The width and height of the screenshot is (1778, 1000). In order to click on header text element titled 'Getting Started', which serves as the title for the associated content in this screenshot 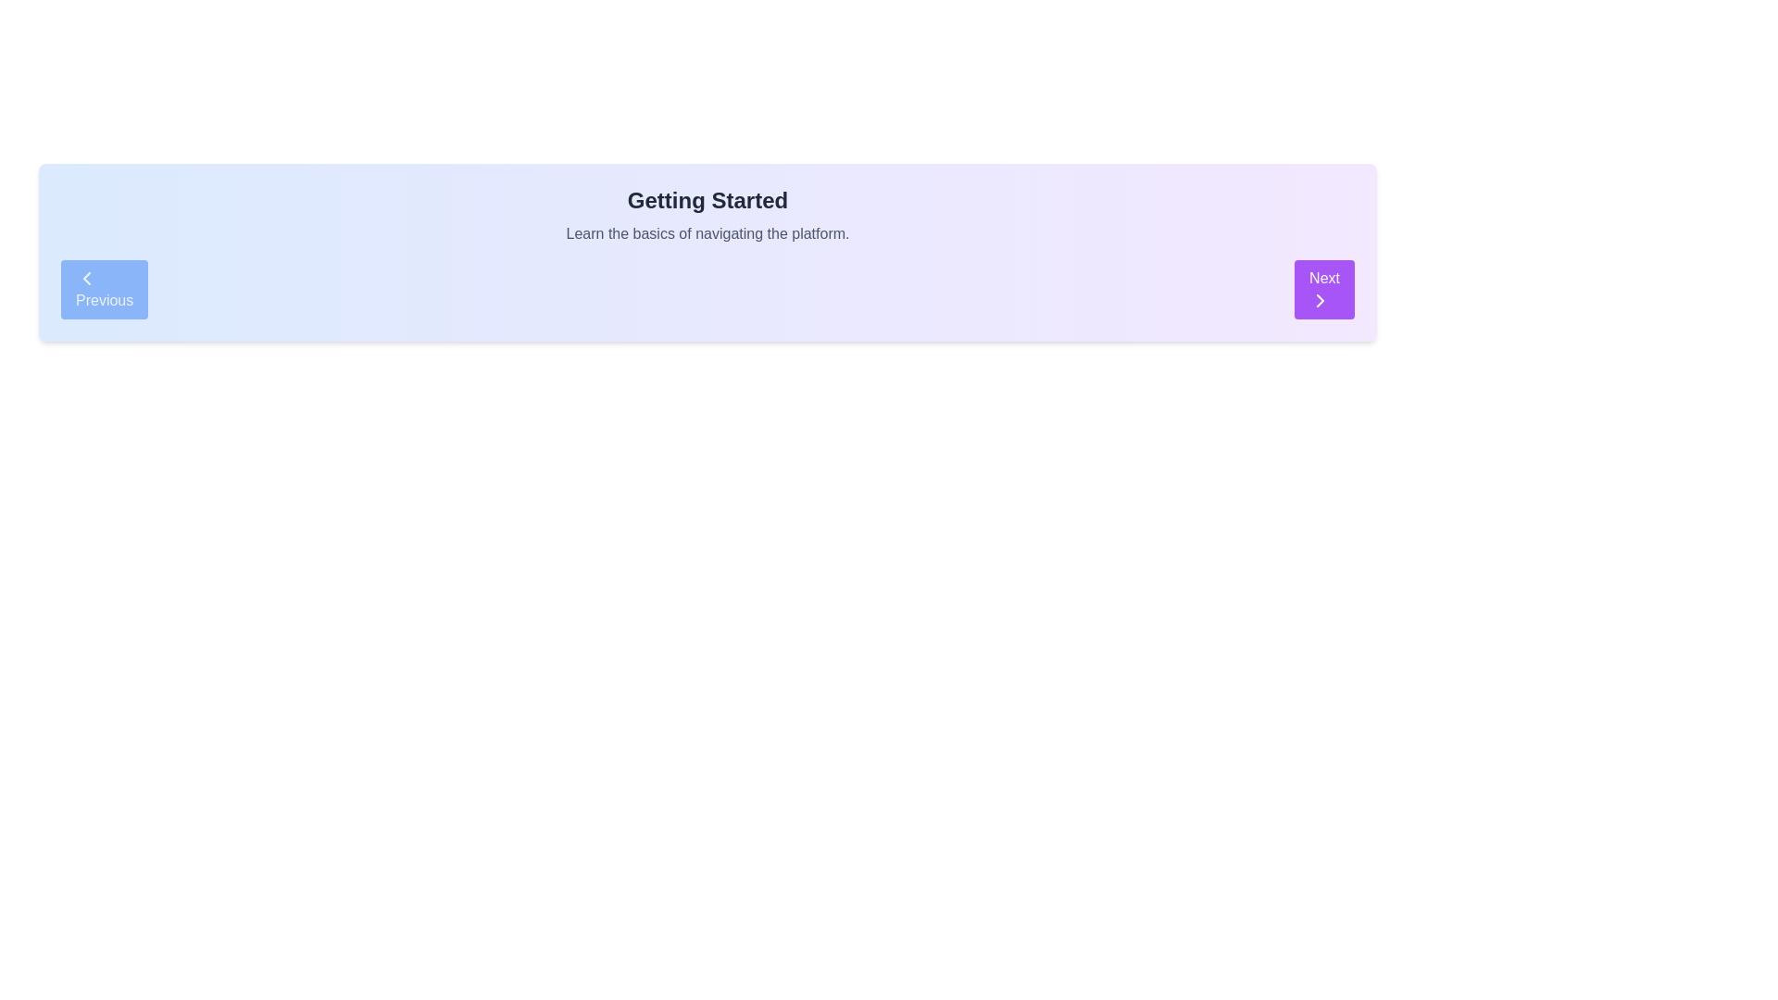, I will do `click(707, 200)`.